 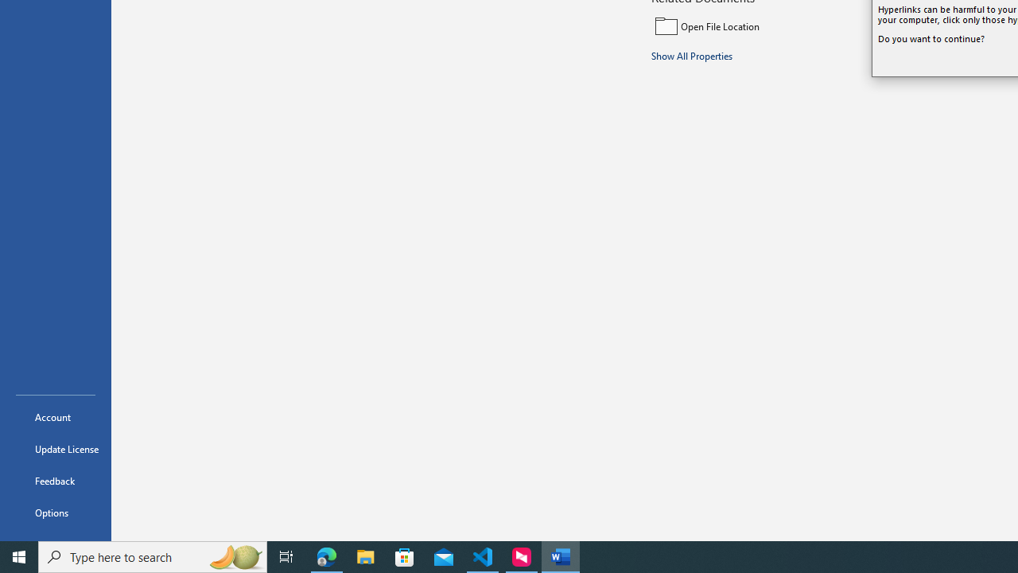 What do you see at coordinates (234, 555) in the screenshot?
I see `'Search highlights icon opens search home window'` at bounding box center [234, 555].